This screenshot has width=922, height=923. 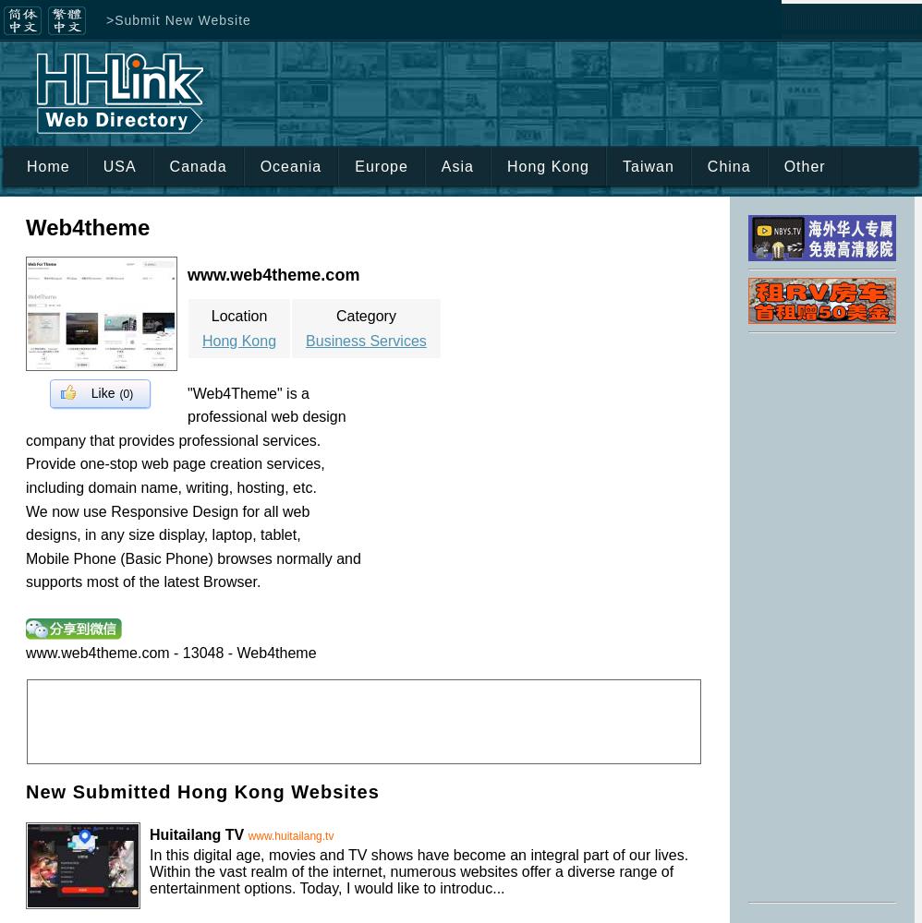 What do you see at coordinates (803, 166) in the screenshot?
I see `'Other'` at bounding box center [803, 166].